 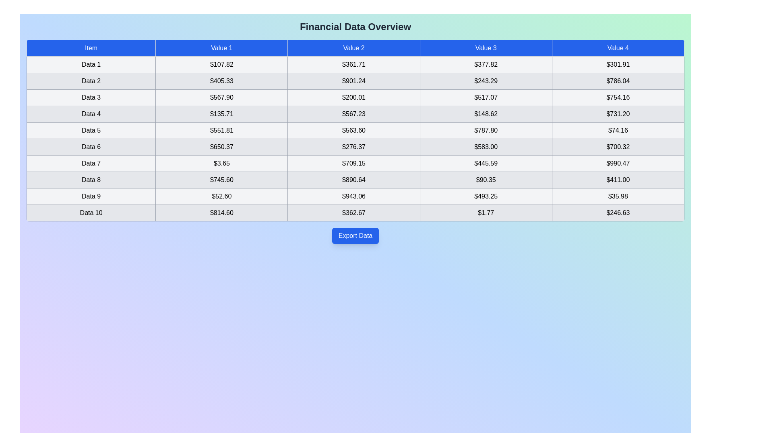 What do you see at coordinates (355, 235) in the screenshot?
I see `'Export Data' button to export the financial data` at bounding box center [355, 235].